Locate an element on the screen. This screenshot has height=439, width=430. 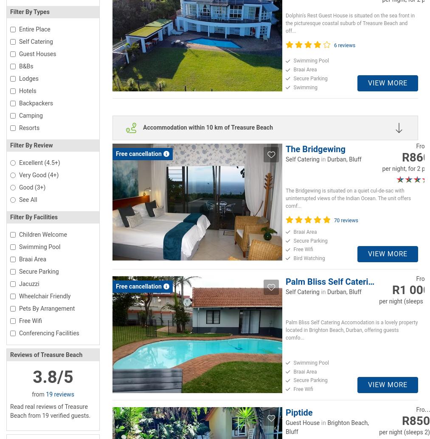
'Accommodation within 10 km of Treasure Beach' is located at coordinates (143, 127).